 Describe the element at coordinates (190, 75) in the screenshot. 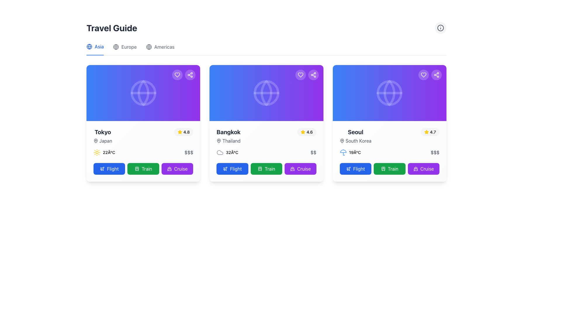

I see `the share icon button located at the right-top corner of the Bangkok travel card` at that location.